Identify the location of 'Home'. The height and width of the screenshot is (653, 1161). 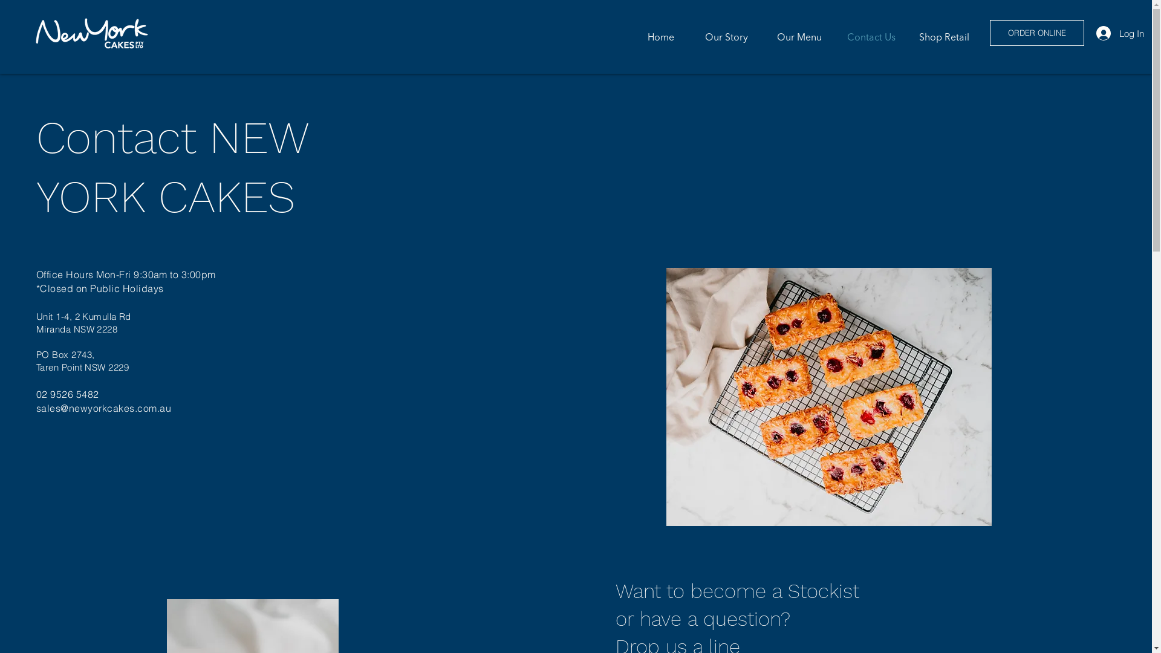
(645, 36).